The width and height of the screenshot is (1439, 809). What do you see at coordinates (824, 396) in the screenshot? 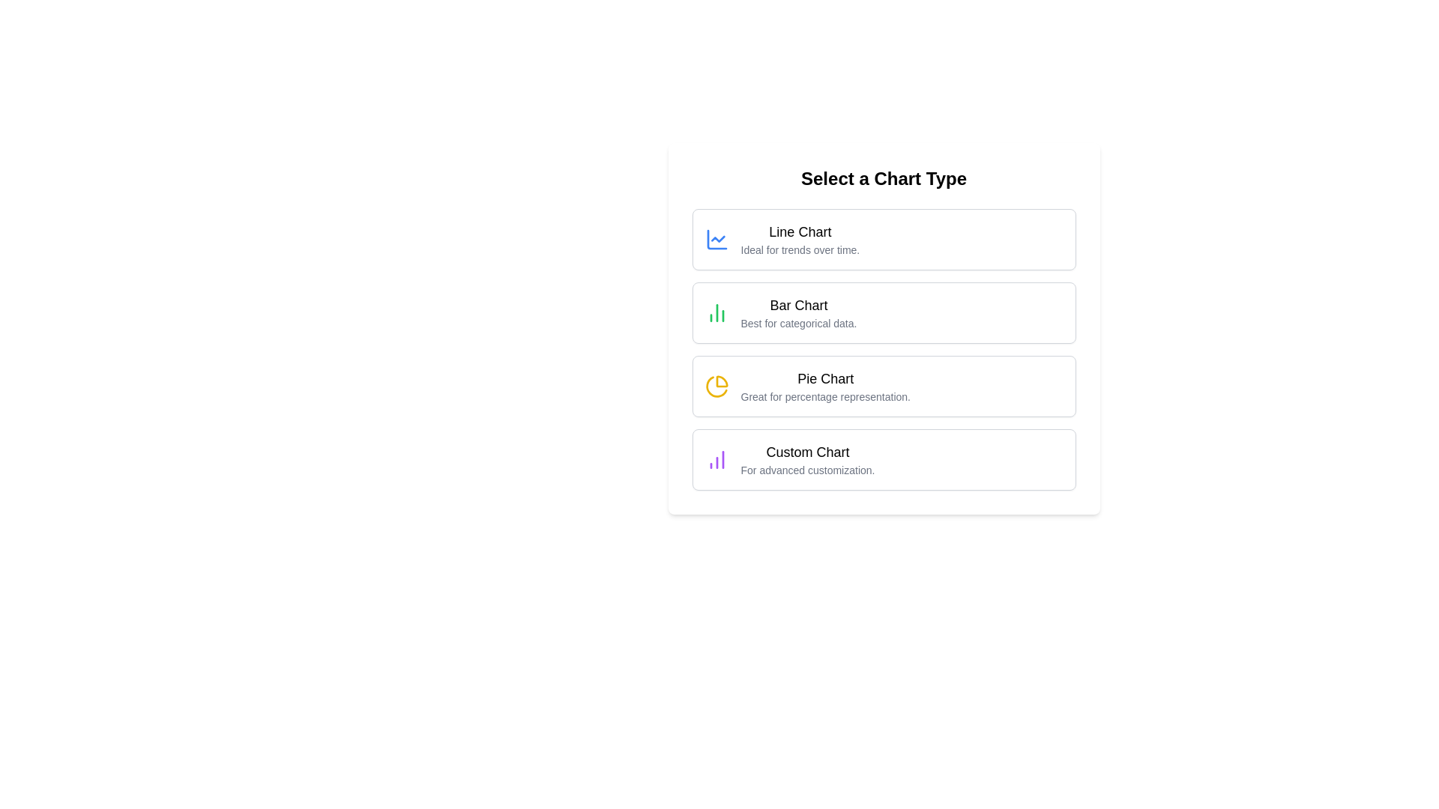
I see `descriptive text located below the 'Pie Chart' label within the third option of the 'Select a Chart Type' section` at bounding box center [824, 396].